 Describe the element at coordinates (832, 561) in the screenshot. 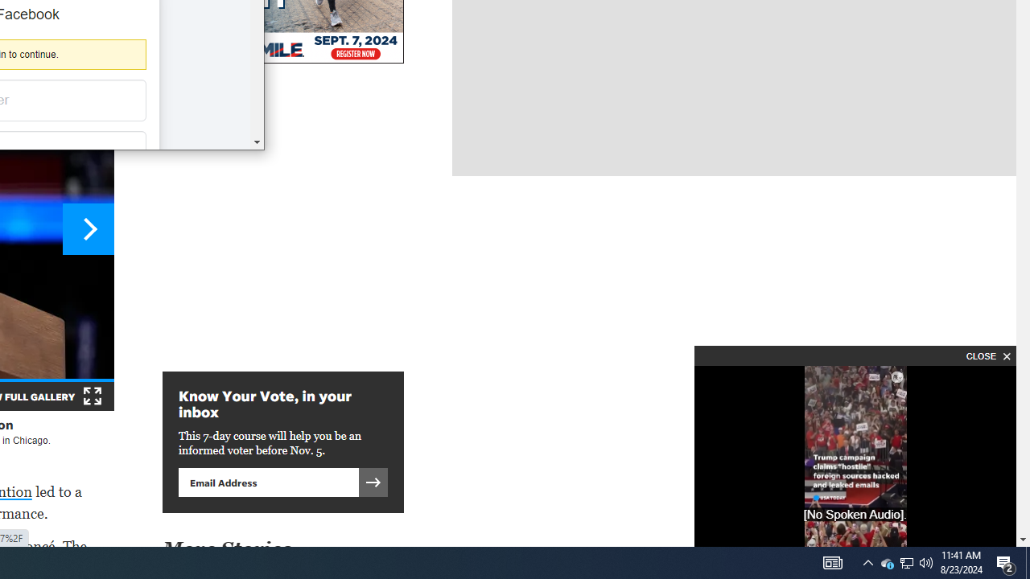

I see `'AutomationID: 4105'` at that location.